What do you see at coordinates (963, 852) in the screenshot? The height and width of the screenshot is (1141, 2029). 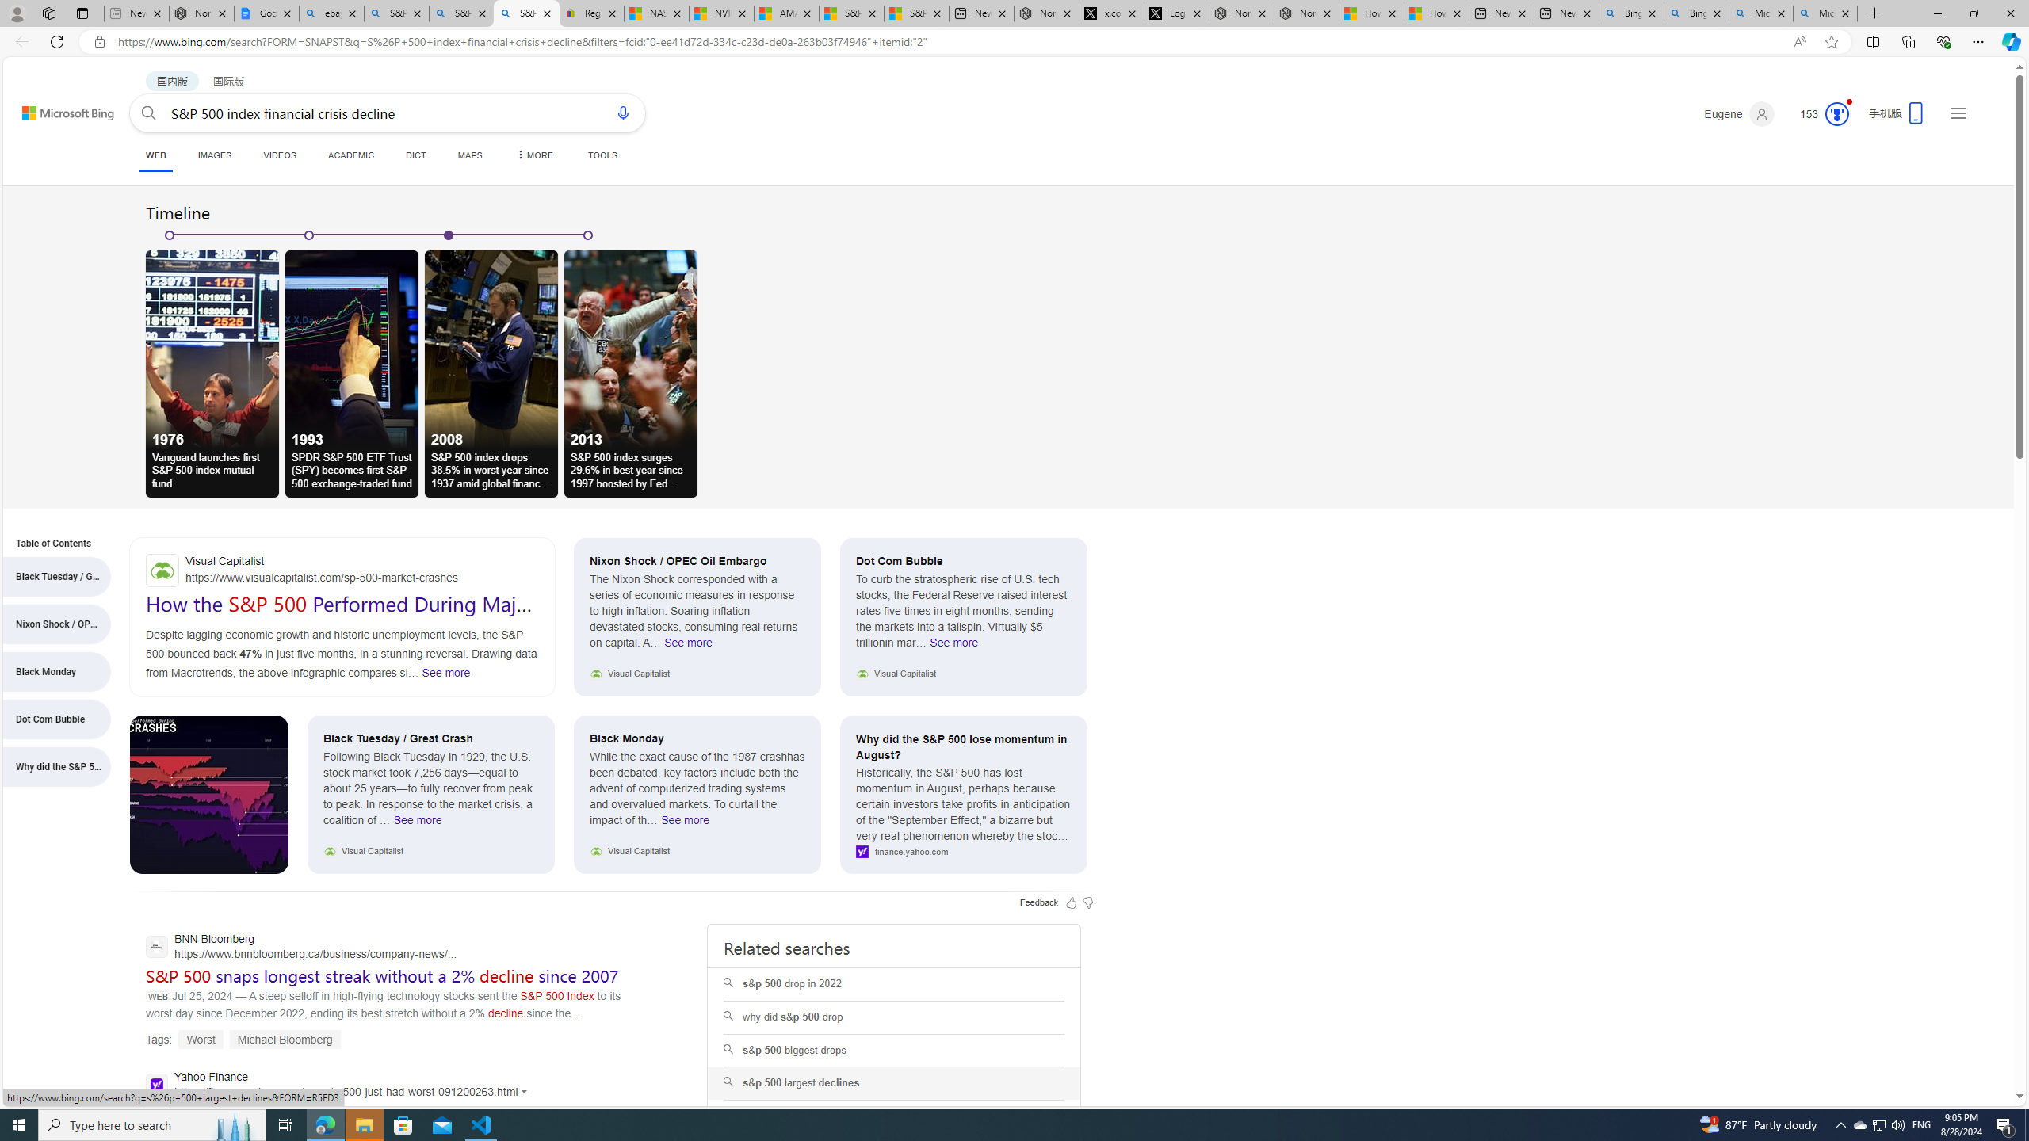 I see `'finance.yahoo.com'` at bounding box center [963, 852].